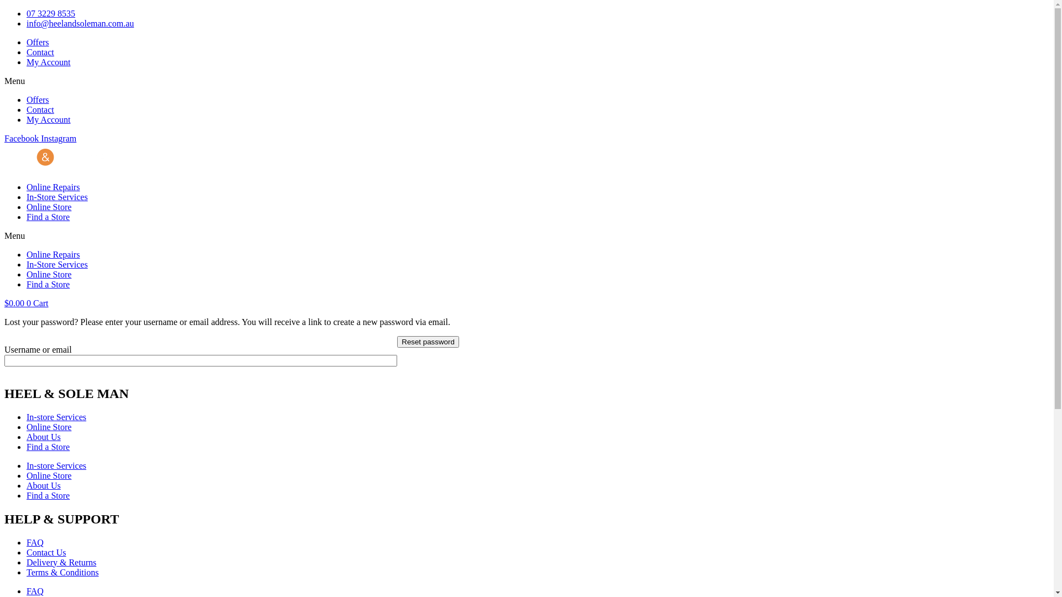 This screenshot has height=597, width=1062. Describe the element at coordinates (53, 186) in the screenshot. I see `'Online Repairs'` at that location.